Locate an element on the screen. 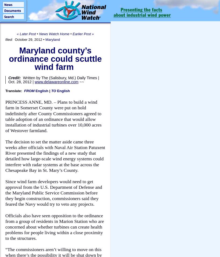 The image size is (220, 257). 'Credit:' is located at coordinates (15, 78).